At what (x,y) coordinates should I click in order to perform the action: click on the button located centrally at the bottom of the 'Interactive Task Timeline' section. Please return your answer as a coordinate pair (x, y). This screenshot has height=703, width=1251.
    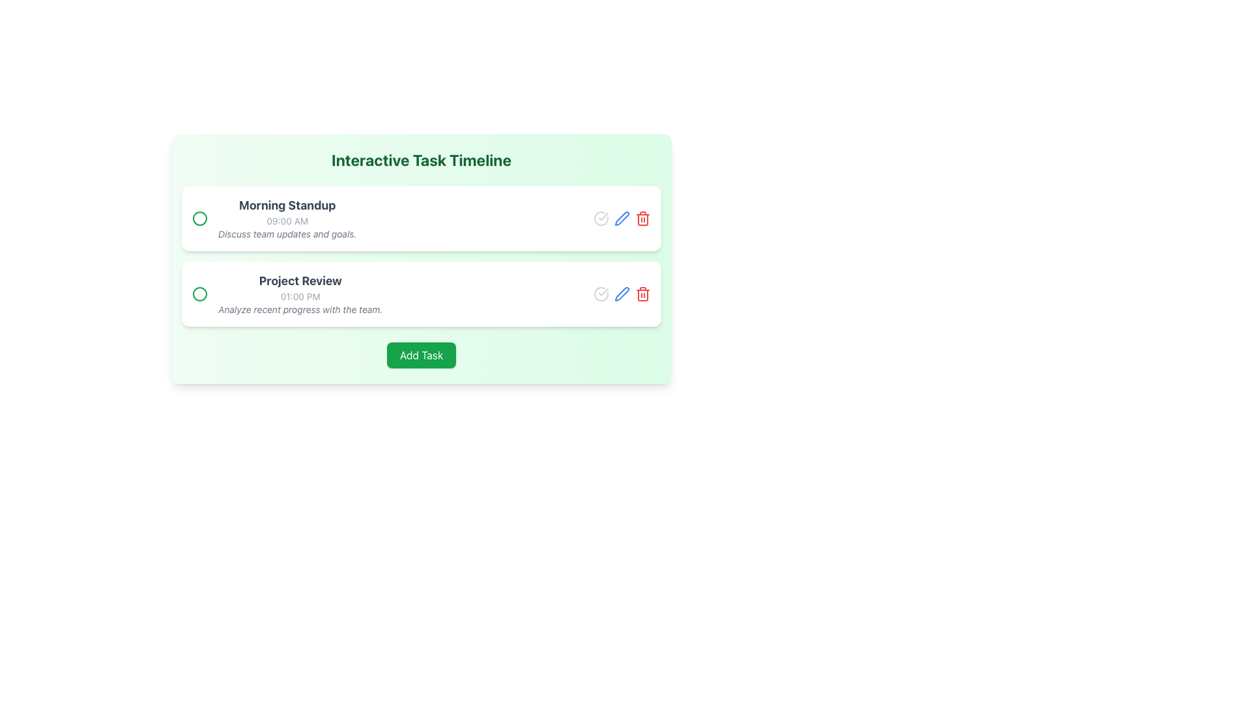
    Looking at the image, I should click on (422, 355).